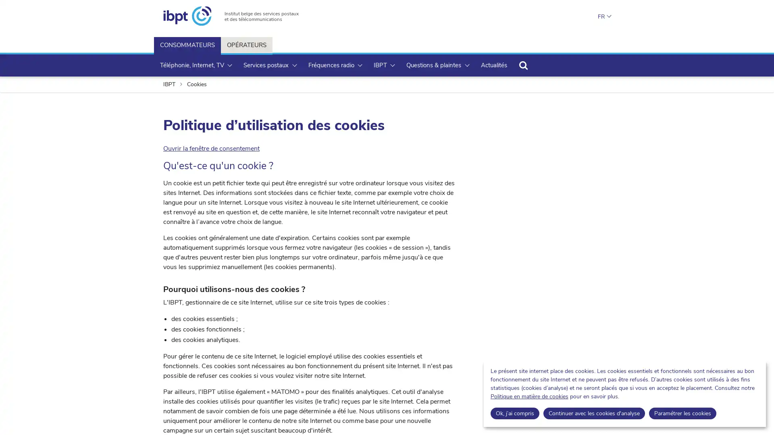 This screenshot has height=435, width=774. Describe the element at coordinates (514, 413) in the screenshot. I see `Ok, jai compris` at that location.